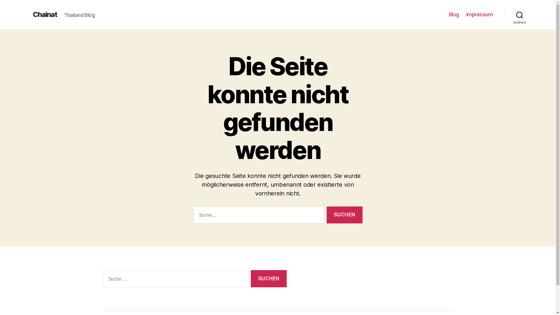 The height and width of the screenshot is (315, 560). I want to click on 'Chainat', so click(44, 14).